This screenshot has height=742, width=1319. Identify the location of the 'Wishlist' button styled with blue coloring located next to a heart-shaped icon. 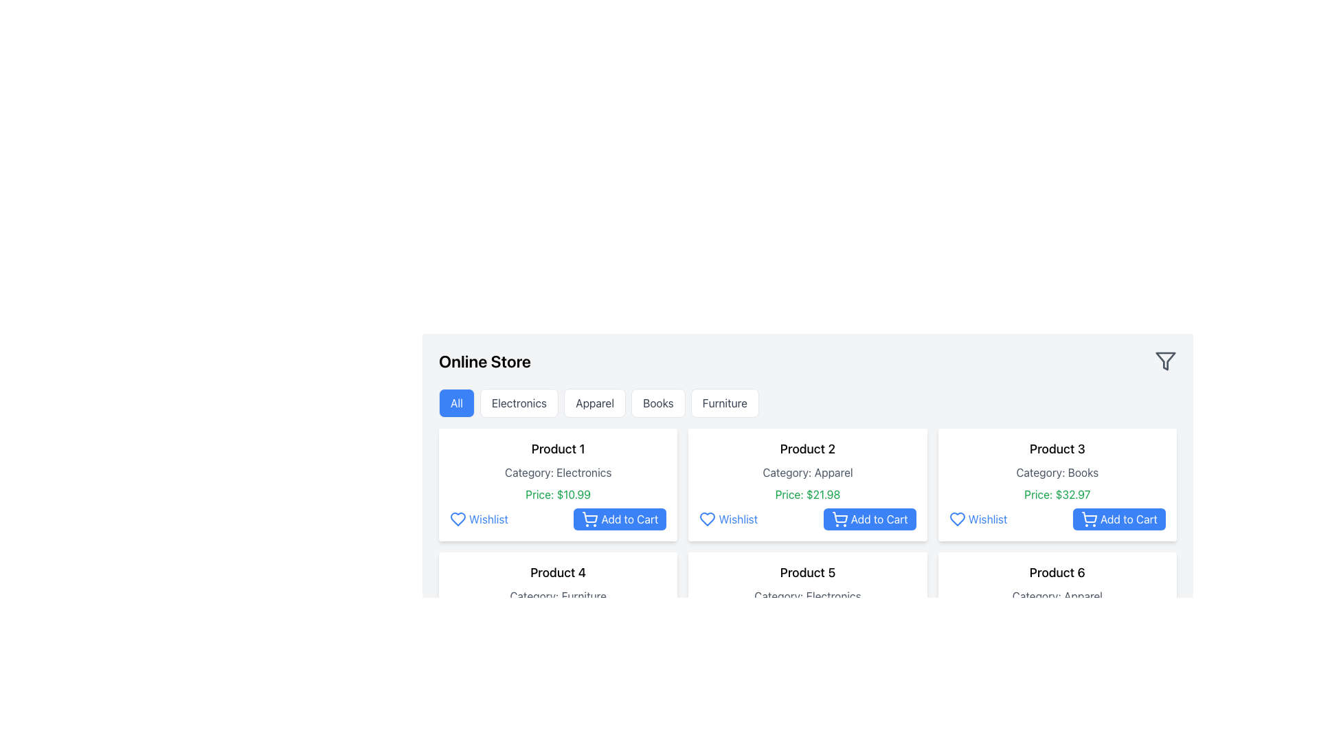
(479, 519).